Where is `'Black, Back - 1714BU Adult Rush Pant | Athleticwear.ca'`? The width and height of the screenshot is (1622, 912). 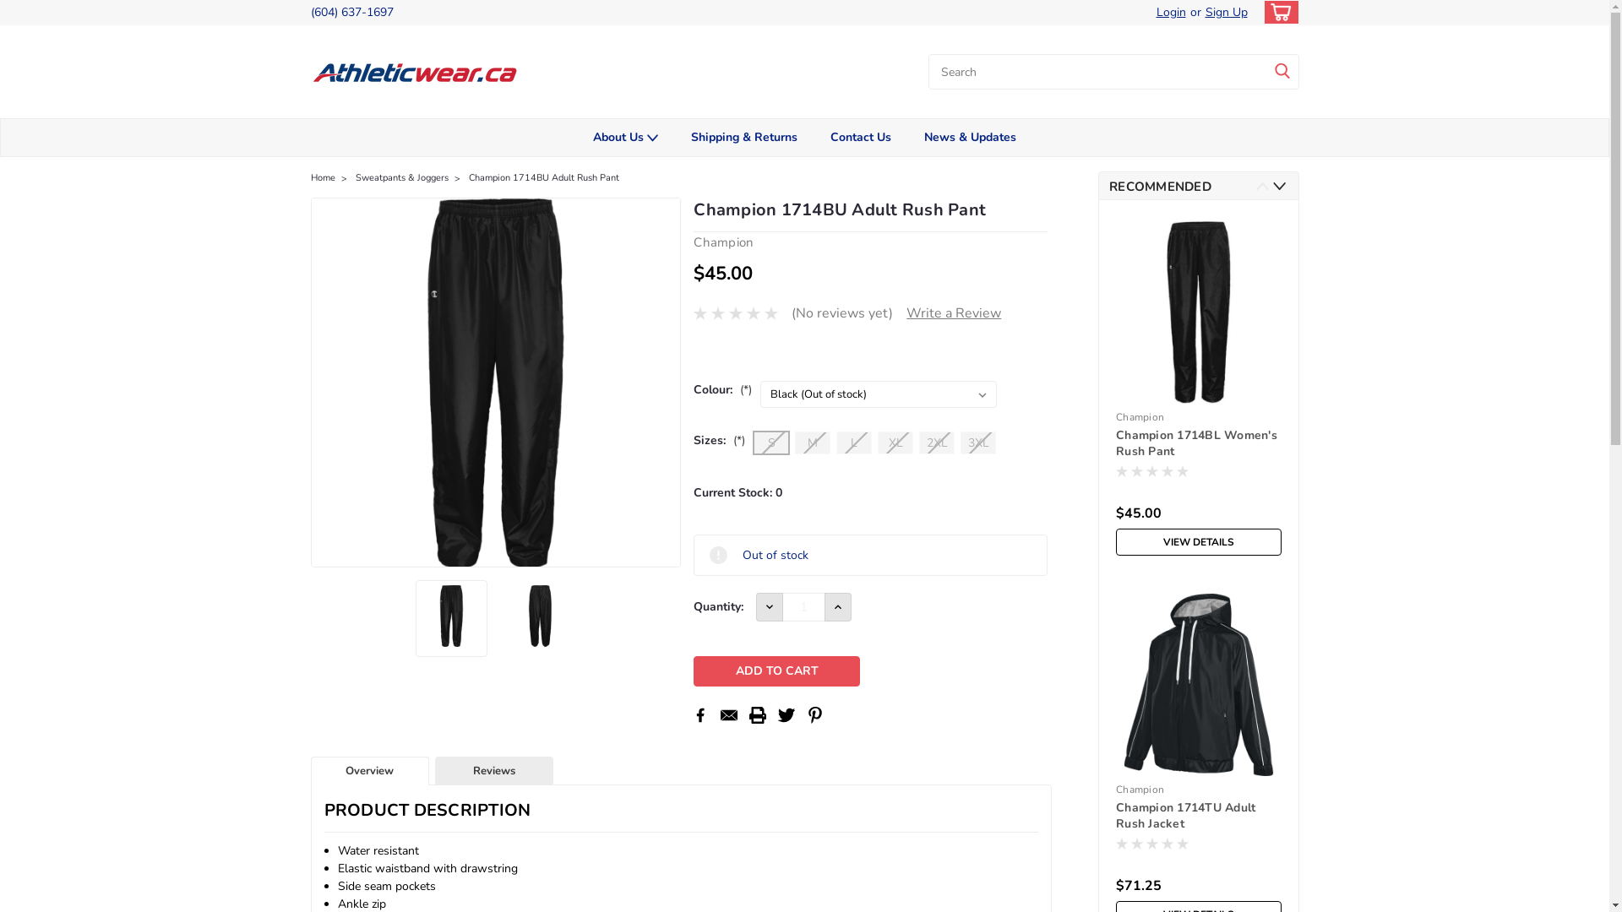 'Black, Back - 1714BU Adult Rush Pant | Athleticwear.ca' is located at coordinates (539, 616).